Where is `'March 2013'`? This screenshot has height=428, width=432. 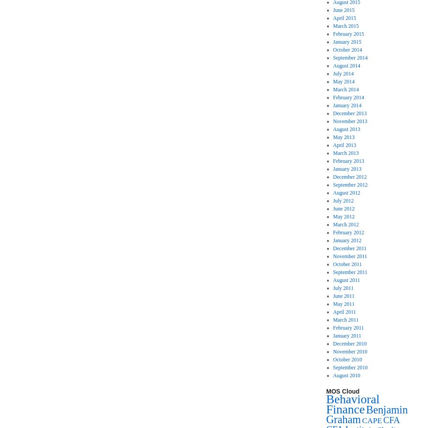 'March 2013' is located at coordinates (346, 152).